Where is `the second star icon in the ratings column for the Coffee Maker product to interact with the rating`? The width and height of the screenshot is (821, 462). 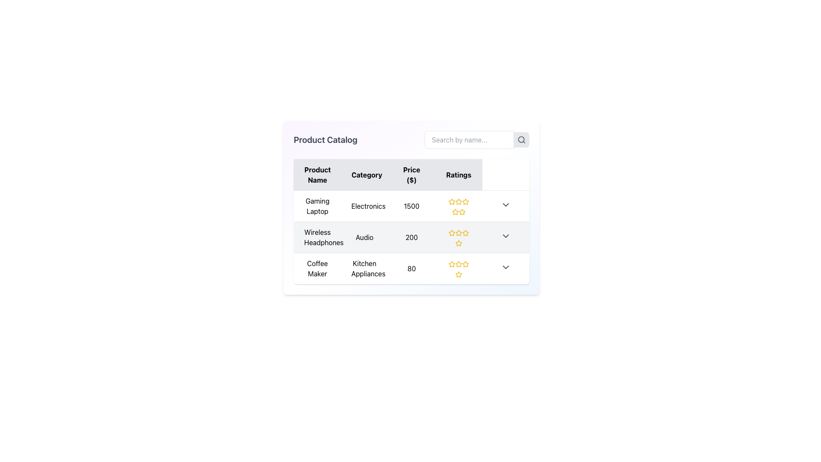
the second star icon in the ratings column for the Coffee Maker product to interact with the rating is located at coordinates (458, 274).